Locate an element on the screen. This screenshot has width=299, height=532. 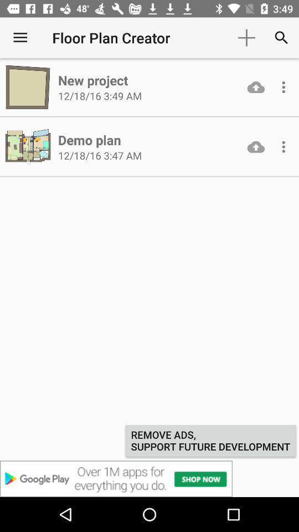
open advertisement is located at coordinates (149, 478).